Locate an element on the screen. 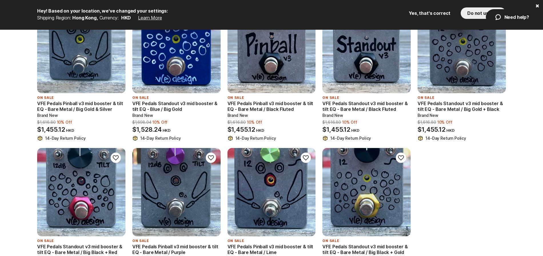  'Do not update' is located at coordinates (483, 13).